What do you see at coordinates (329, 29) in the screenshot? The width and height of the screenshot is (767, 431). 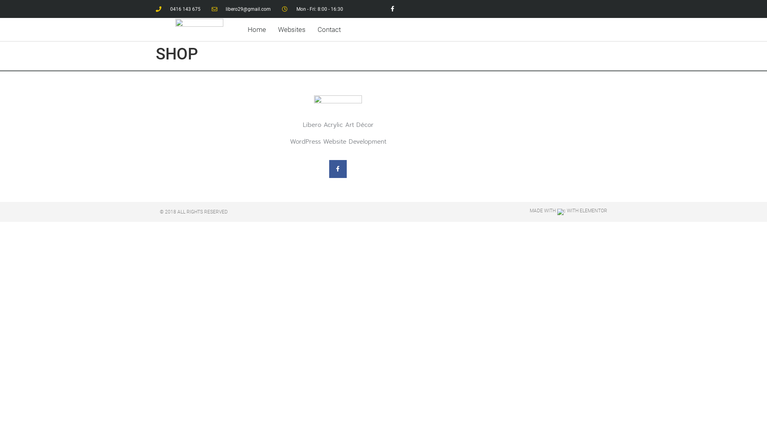 I see `'Contact'` at bounding box center [329, 29].